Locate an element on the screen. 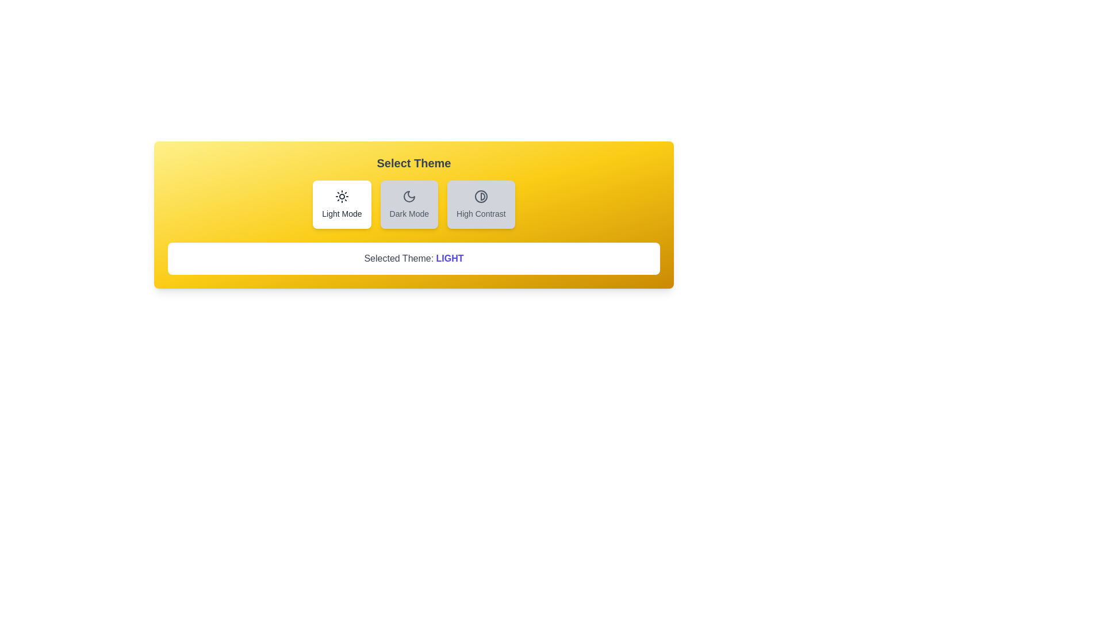 This screenshot has height=621, width=1104. the button corresponding to the theme Light Mode to select it is located at coordinates (342, 204).